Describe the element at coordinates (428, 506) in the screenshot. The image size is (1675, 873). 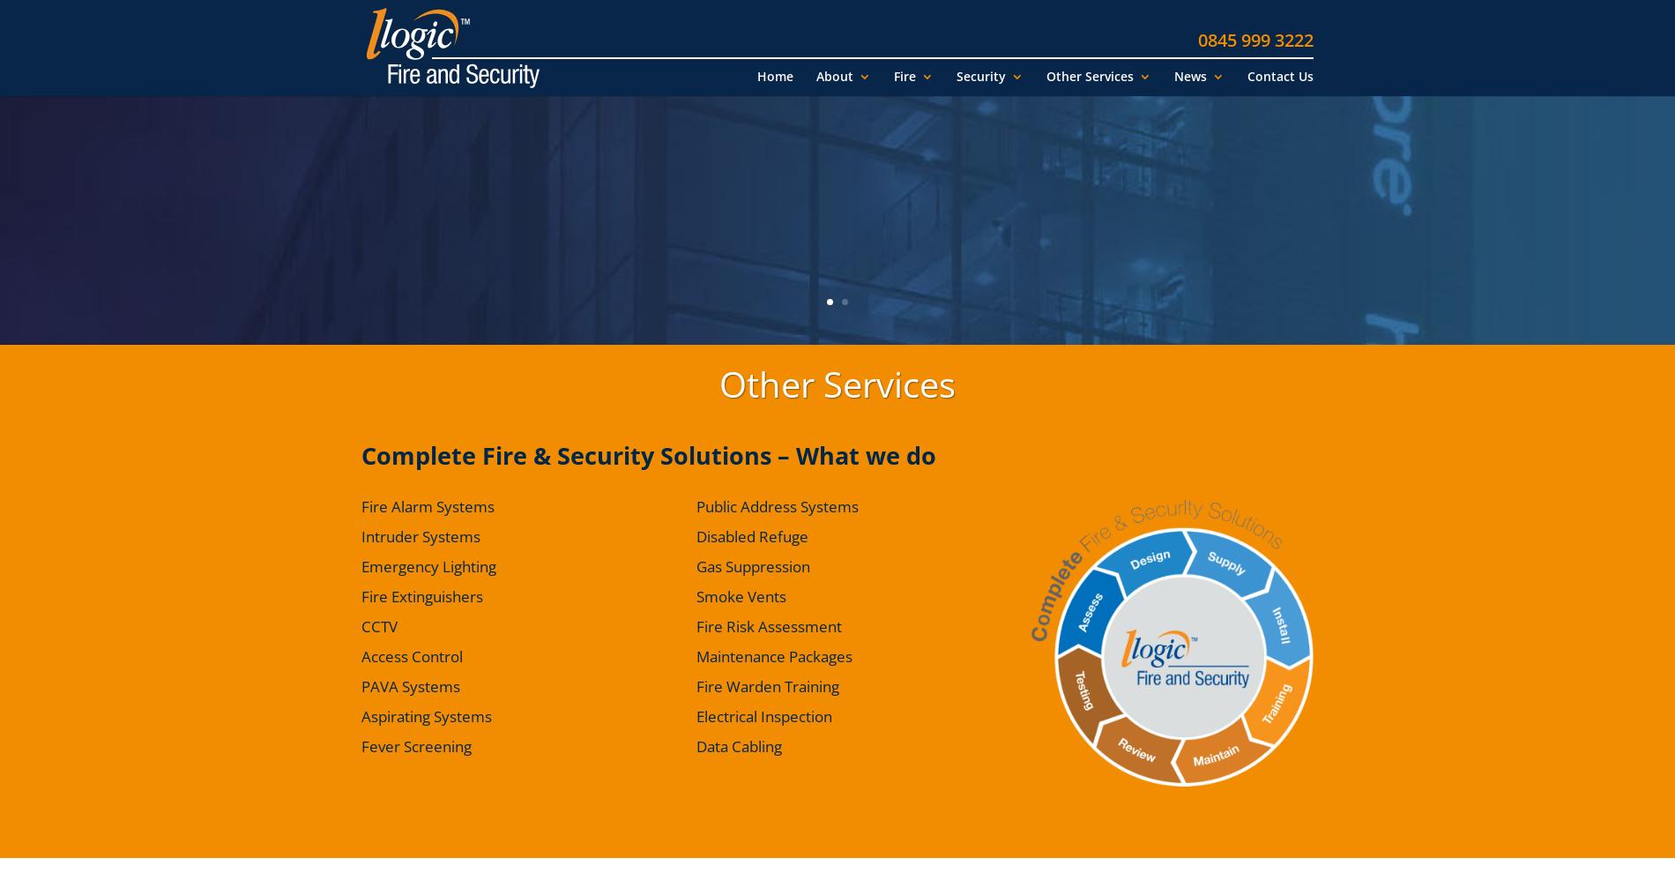
I see `'Fire Alarm Systems'` at that location.